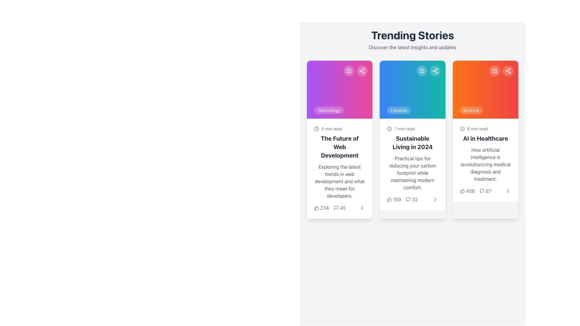  I want to click on the text label with an icon displaying the count of comments or discussions, located at the bottom right of the first card in the 'Trending Stories' section, so click(340, 208).